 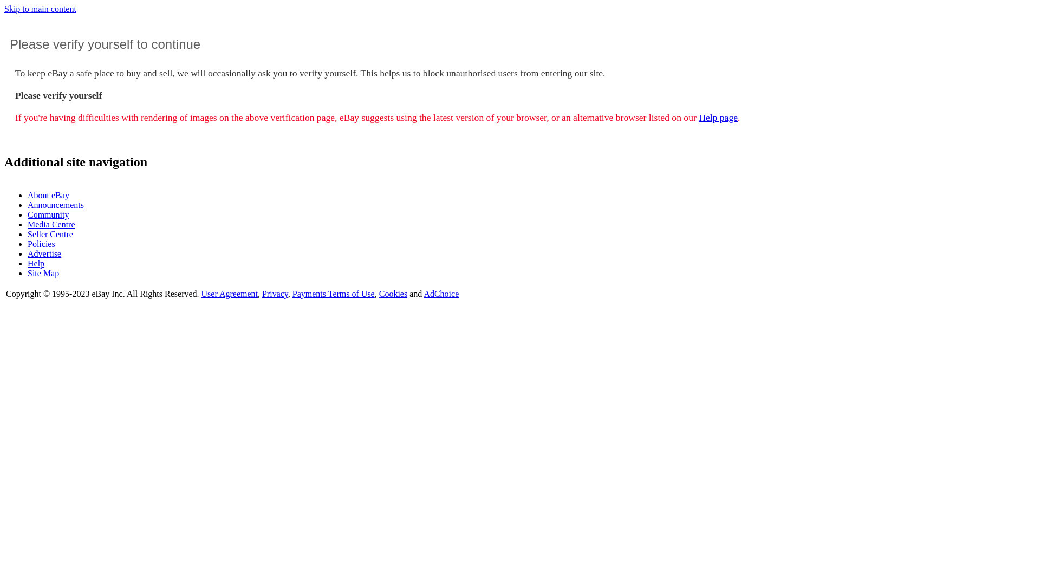 What do you see at coordinates (28, 224) in the screenshot?
I see `'Media Centre'` at bounding box center [28, 224].